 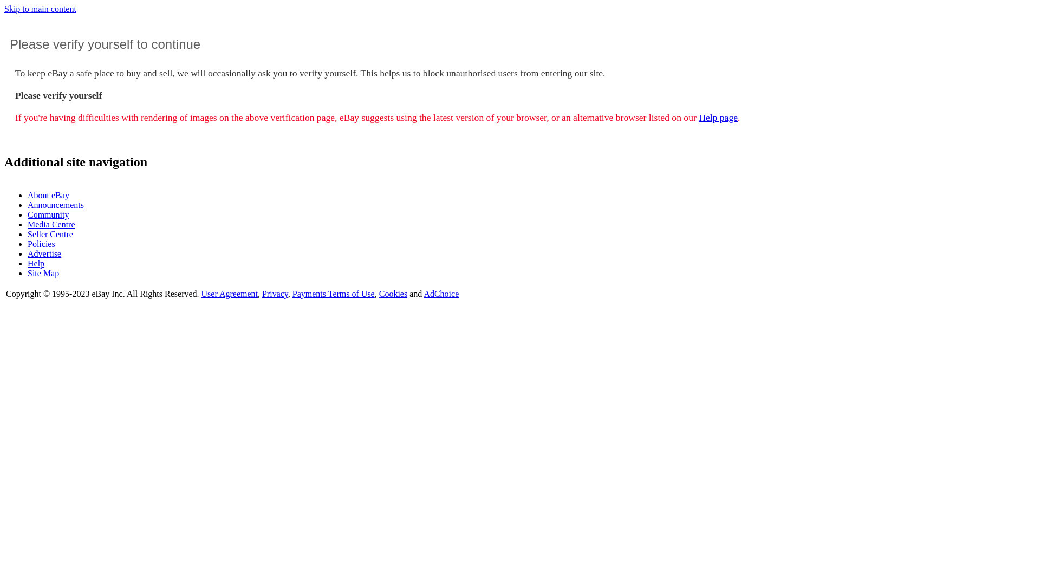 What do you see at coordinates (28, 224) in the screenshot?
I see `'Media Centre'` at bounding box center [28, 224].